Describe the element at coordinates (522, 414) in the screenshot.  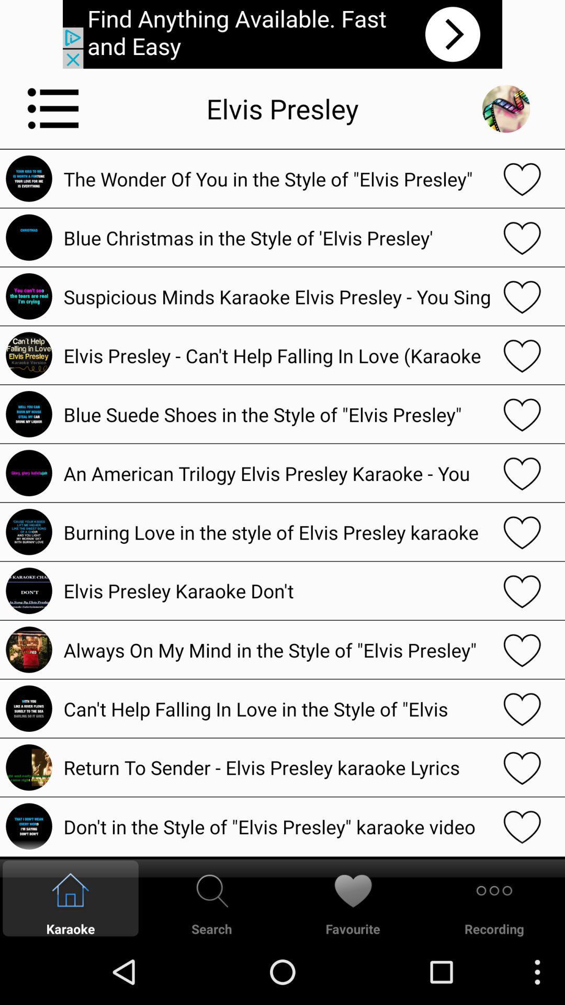
I see `the option` at that location.